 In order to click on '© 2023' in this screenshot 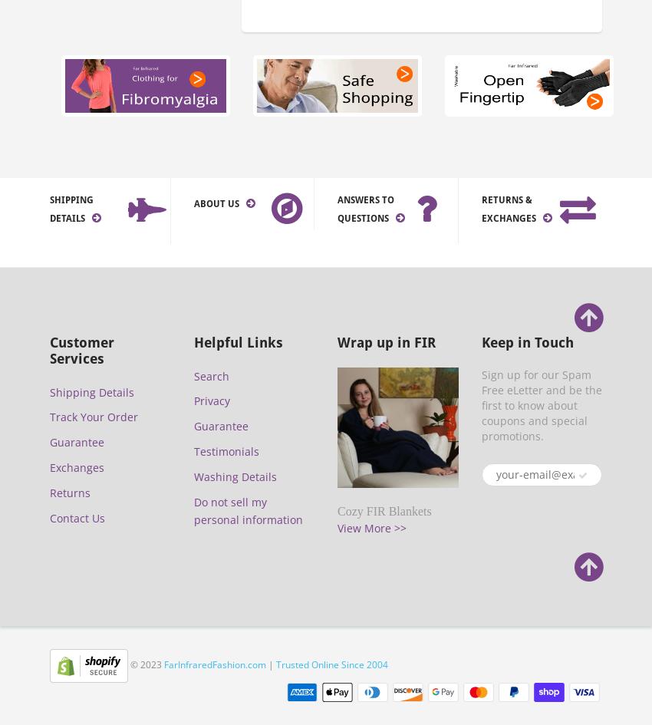, I will do `click(145, 664)`.